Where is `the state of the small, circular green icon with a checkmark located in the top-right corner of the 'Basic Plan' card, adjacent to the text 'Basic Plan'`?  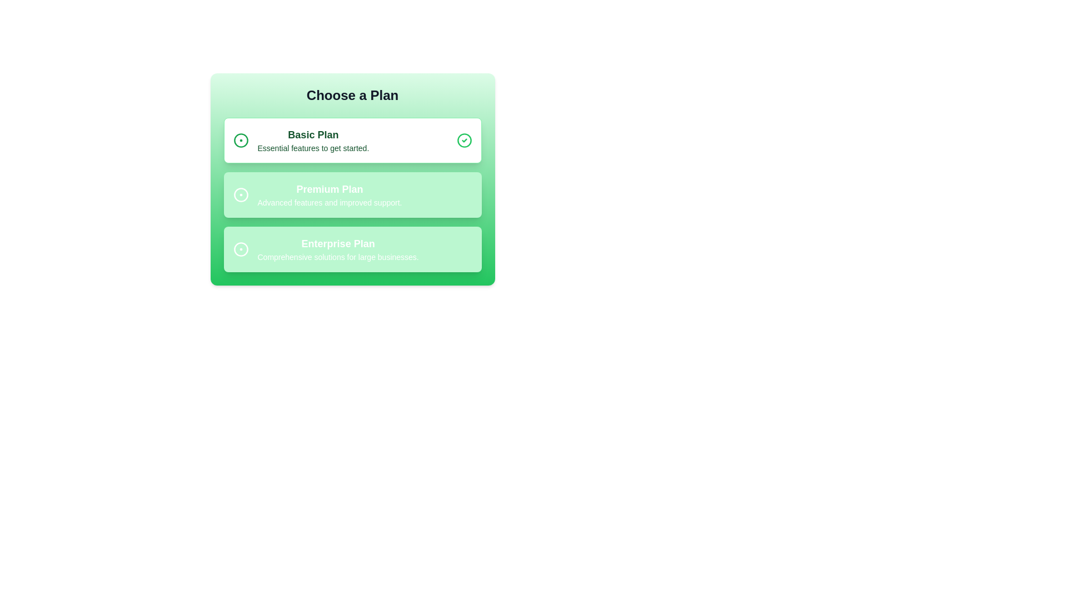 the state of the small, circular green icon with a checkmark located in the top-right corner of the 'Basic Plan' card, adjacent to the text 'Basic Plan' is located at coordinates (464, 140).